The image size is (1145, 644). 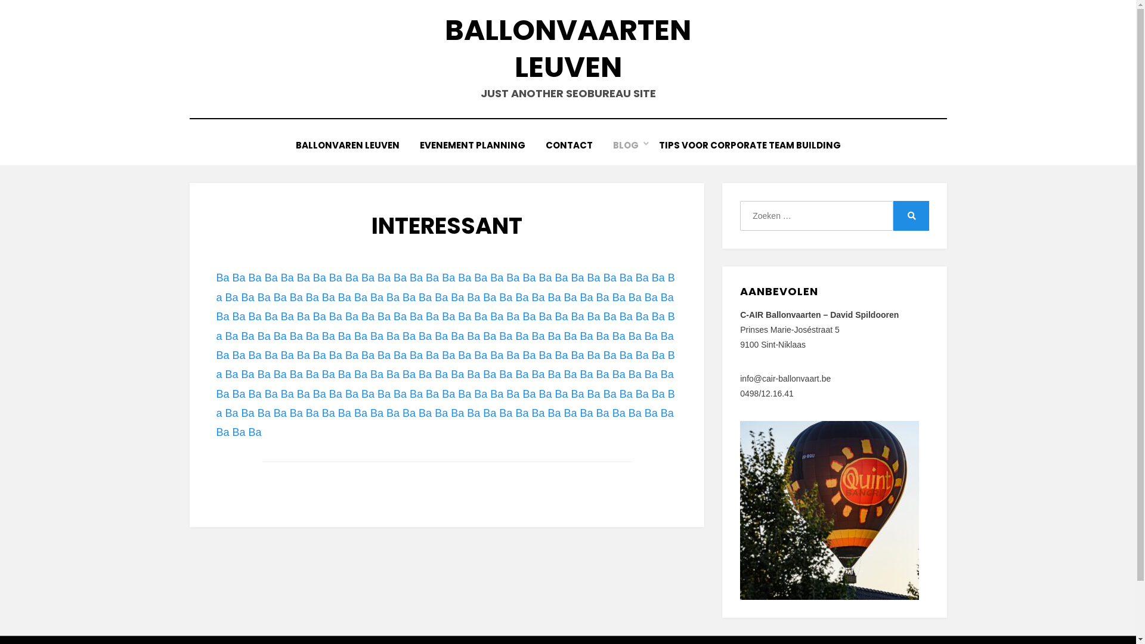 What do you see at coordinates (739, 379) in the screenshot?
I see `'info@cair-ballonvaart.be'` at bounding box center [739, 379].